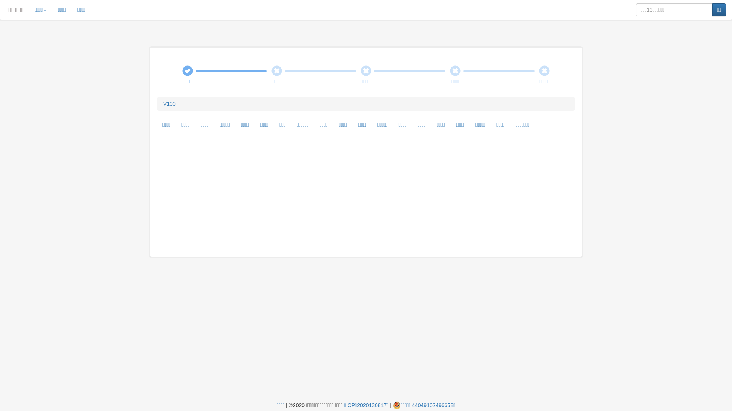  Describe the element at coordinates (169, 104) in the screenshot. I see `'V100'` at that location.